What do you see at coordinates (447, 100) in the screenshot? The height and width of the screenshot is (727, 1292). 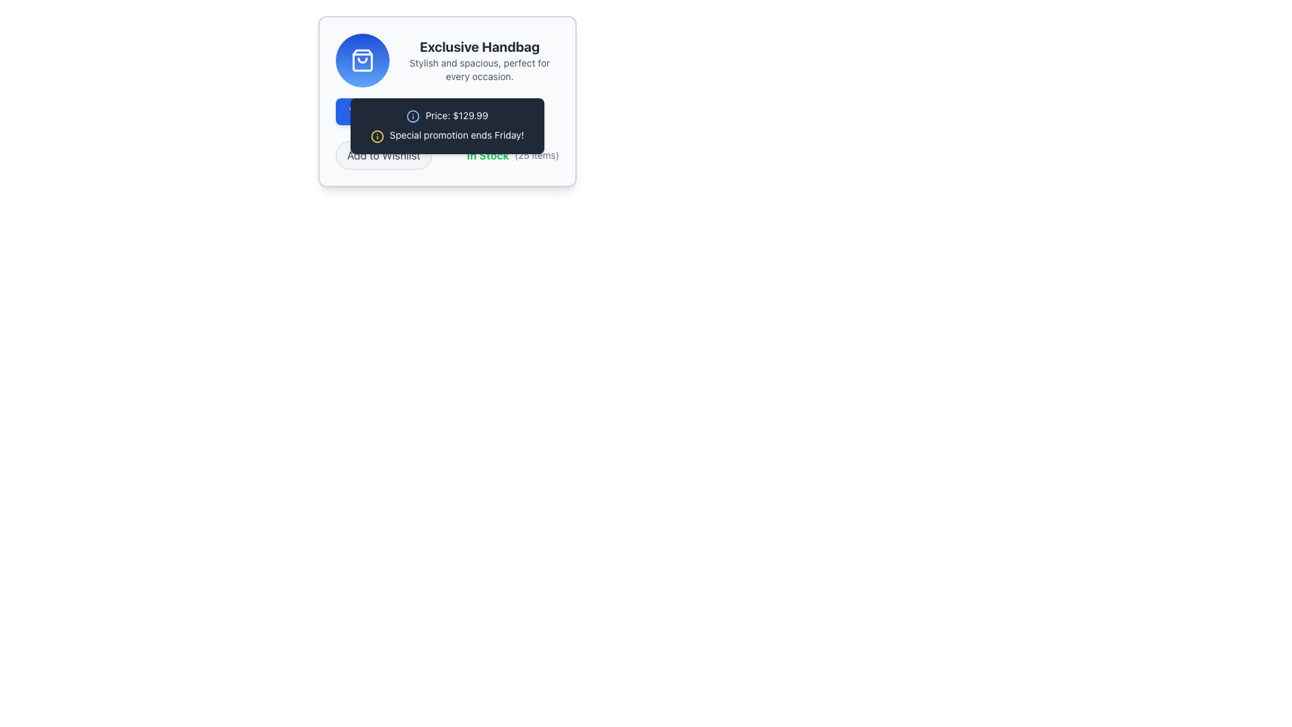 I see `the informational pop-up box that highlights the price and promotional message for the product, located below the product title and above the wishlist button` at bounding box center [447, 100].